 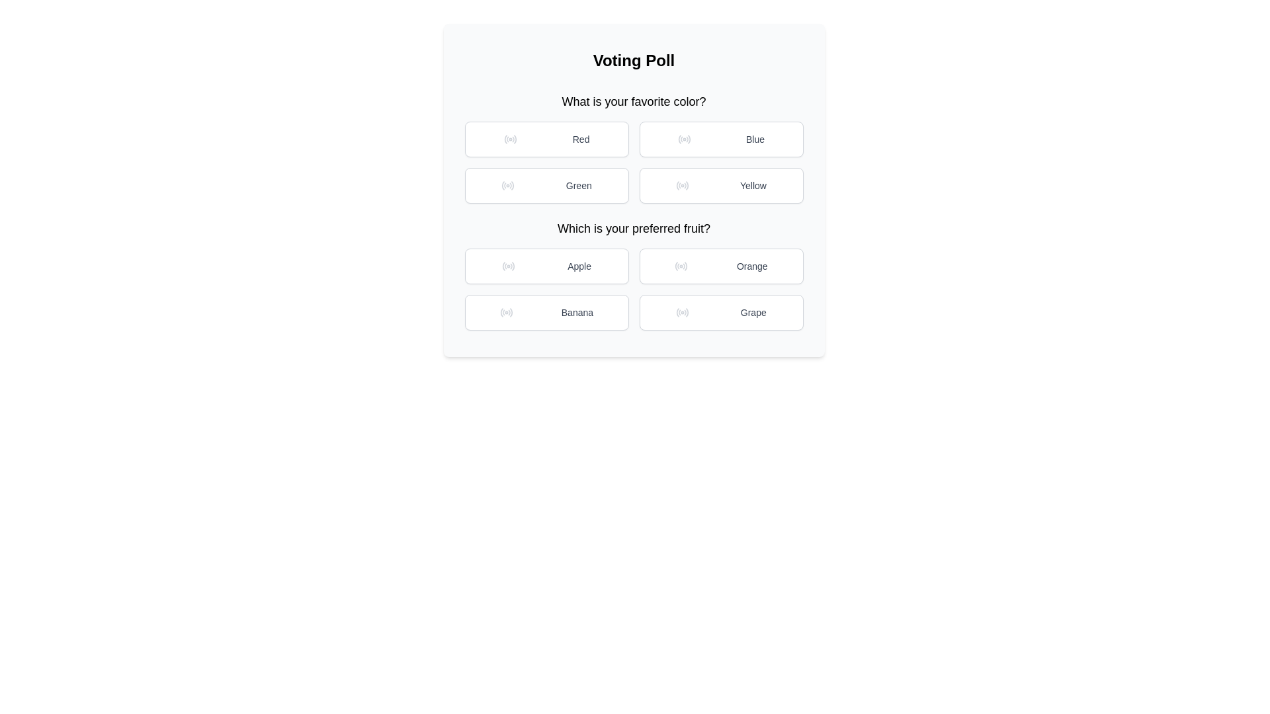 What do you see at coordinates (753, 186) in the screenshot?
I see `the text label on the button representing the last selectable option in the 'What is your favorite color?' section` at bounding box center [753, 186].